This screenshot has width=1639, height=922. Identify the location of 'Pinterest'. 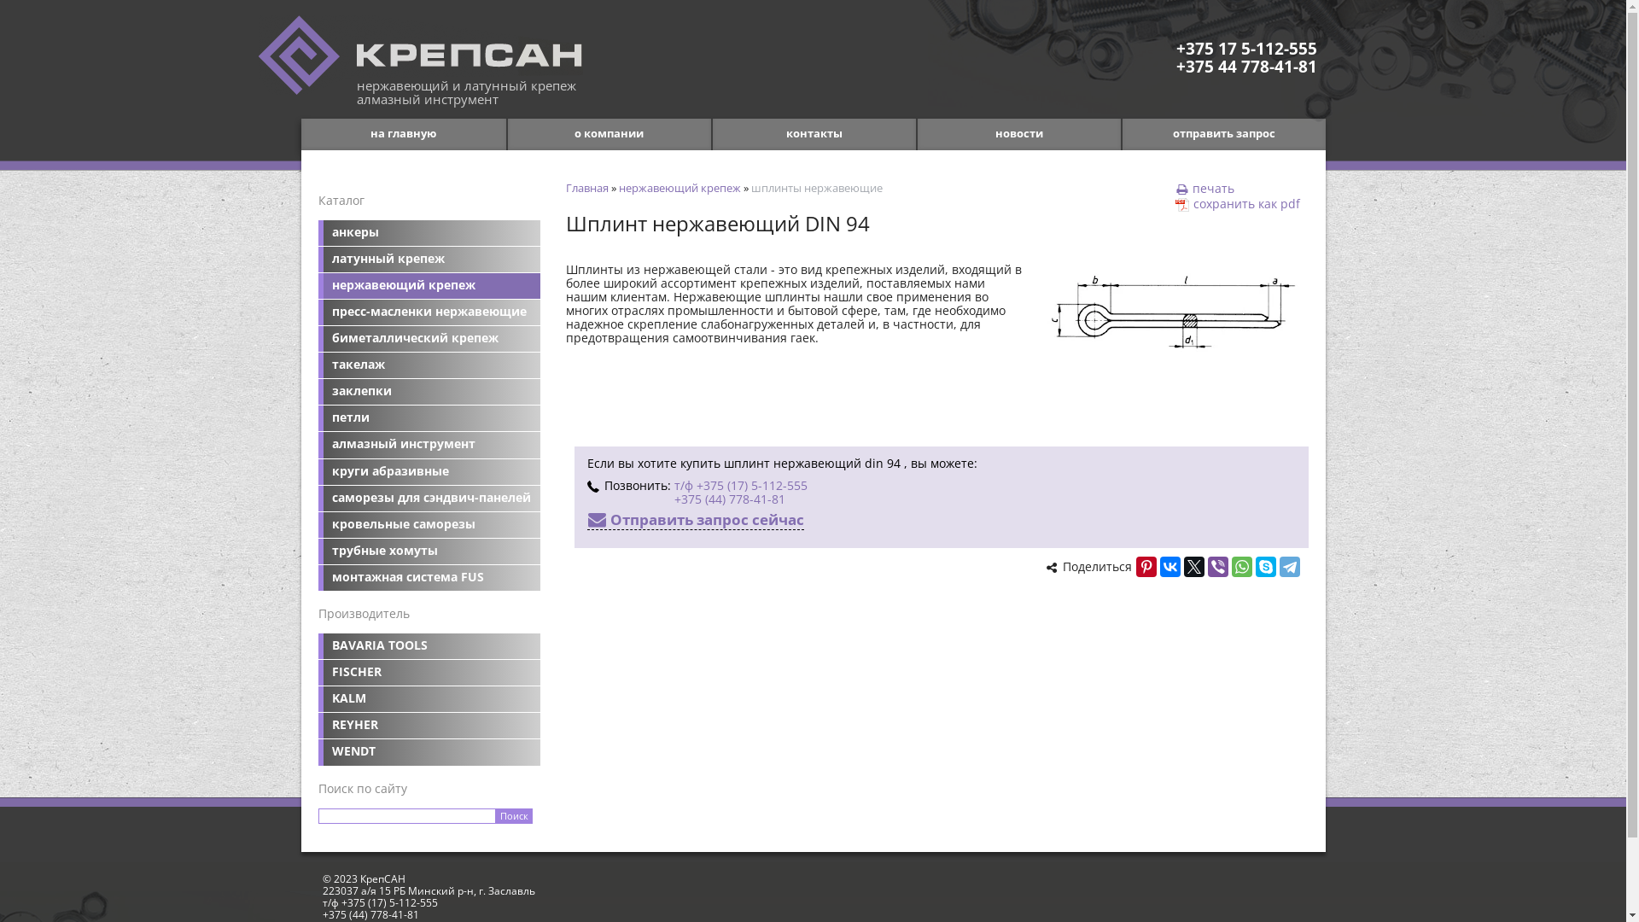
(1146, 566).